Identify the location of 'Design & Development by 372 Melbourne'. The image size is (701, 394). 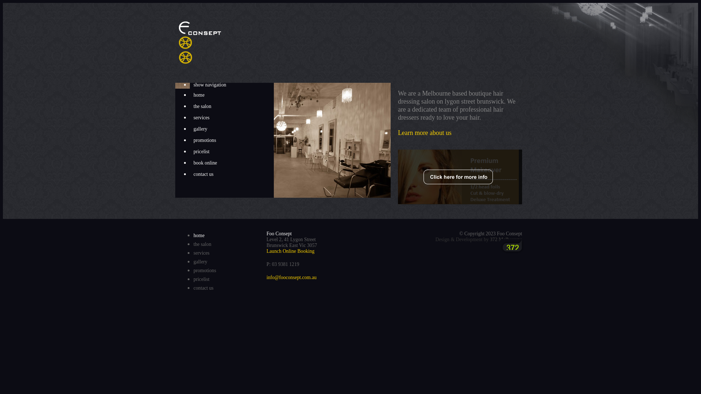
(478, 239).